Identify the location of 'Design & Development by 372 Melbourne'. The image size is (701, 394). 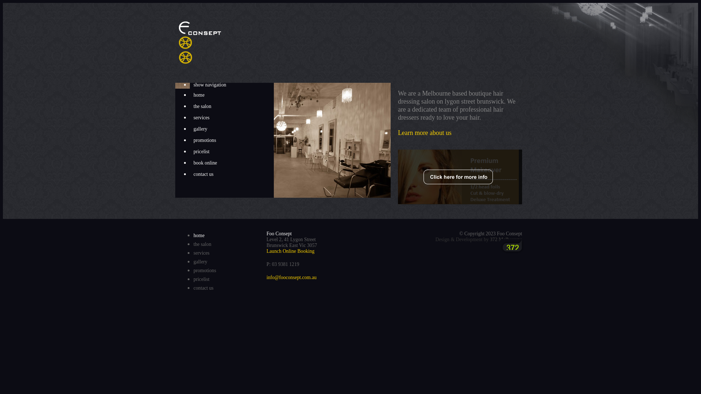
(478, 239).